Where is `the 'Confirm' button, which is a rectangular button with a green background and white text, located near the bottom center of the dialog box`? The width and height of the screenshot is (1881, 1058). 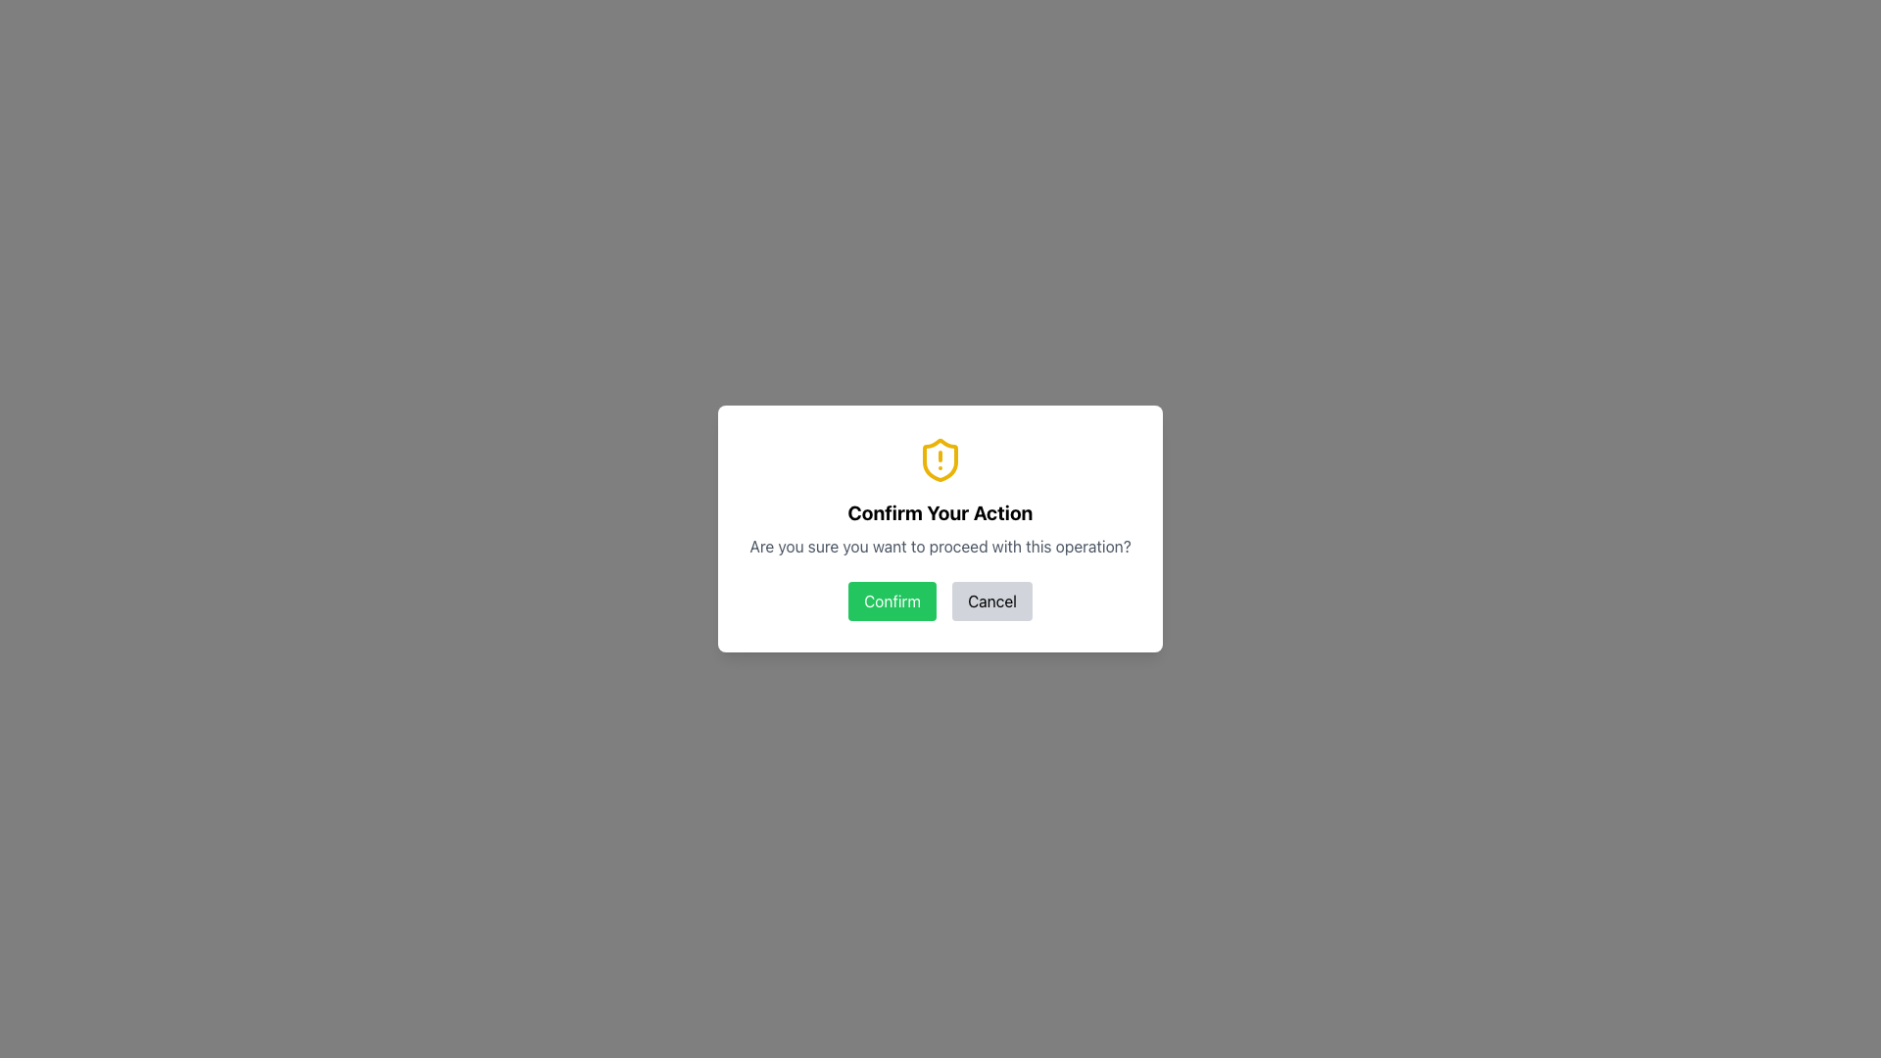
the 'Confirm' button, which is a rectangular button with a green background and white text, located near the bottom center of the dialog box is located at coordinates (892, 600).